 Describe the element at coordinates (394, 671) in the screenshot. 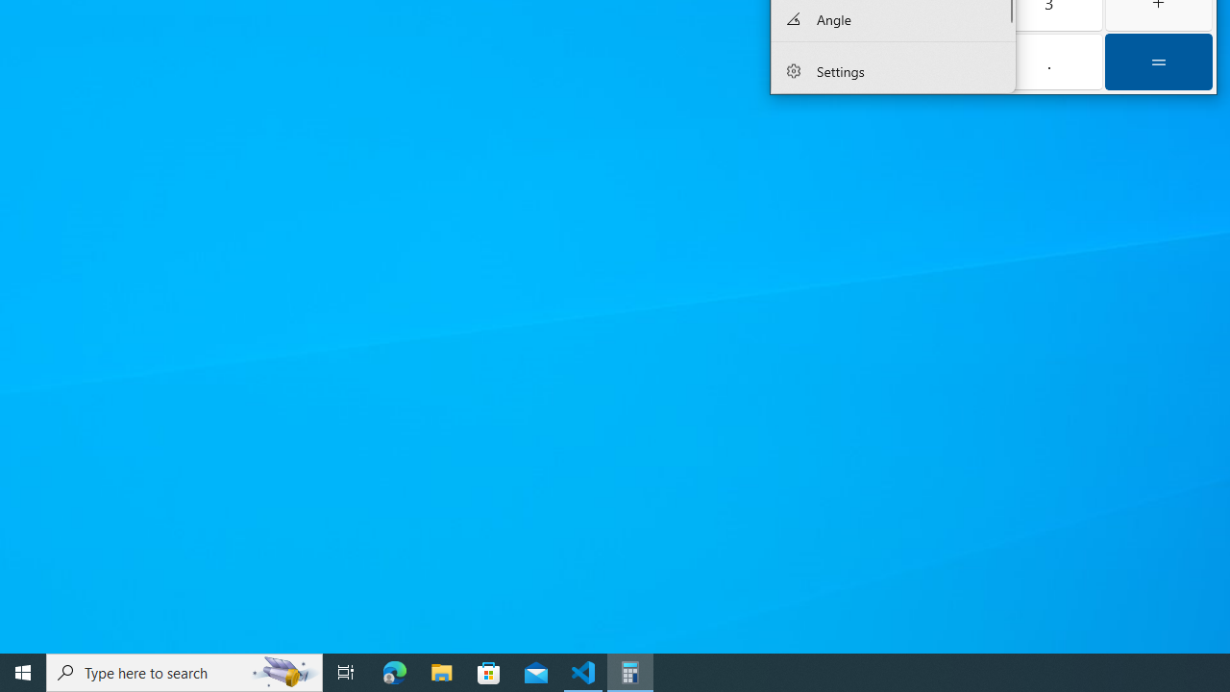

I see `'Microsoft Edge'` at that location.